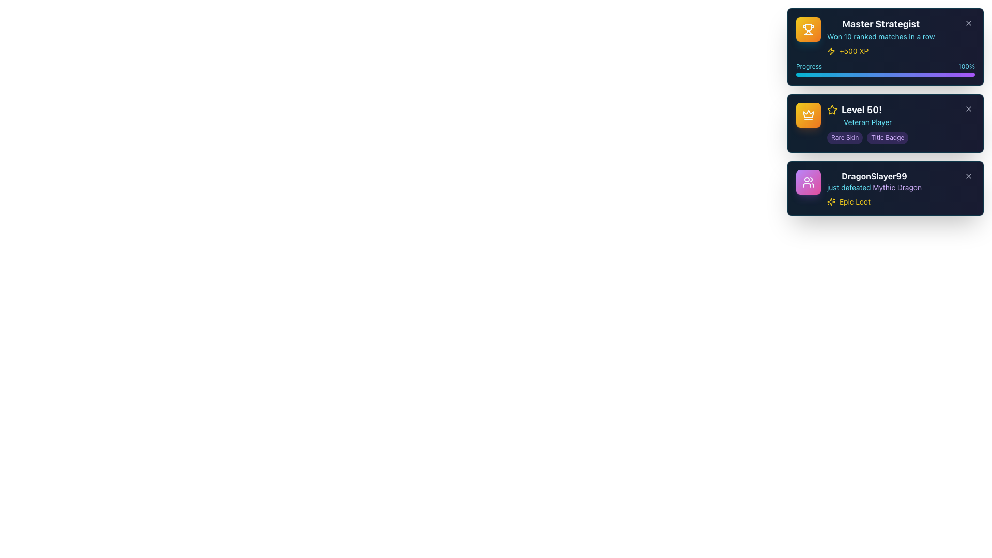 The image size is (992, 558). I want to click on the descriptive message text within the notification card that provides context about the recent achievement of user 'DragonSlayer99', so click(874, 187).